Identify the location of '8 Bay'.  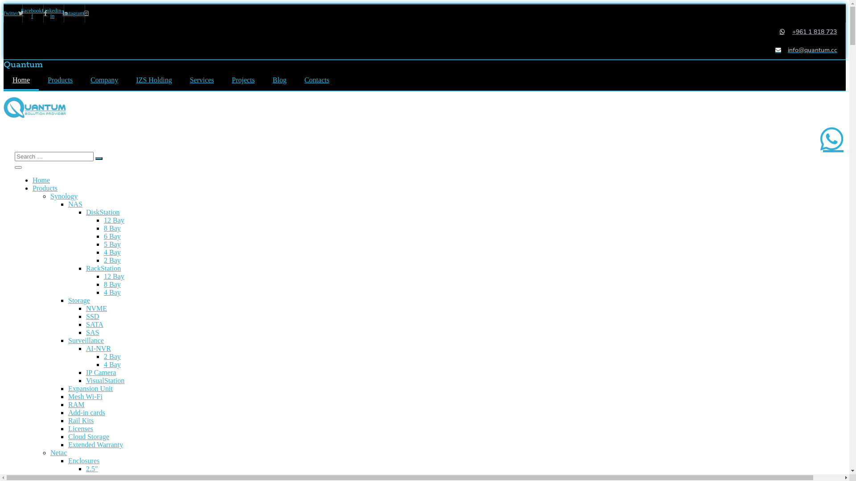
(112, 284).